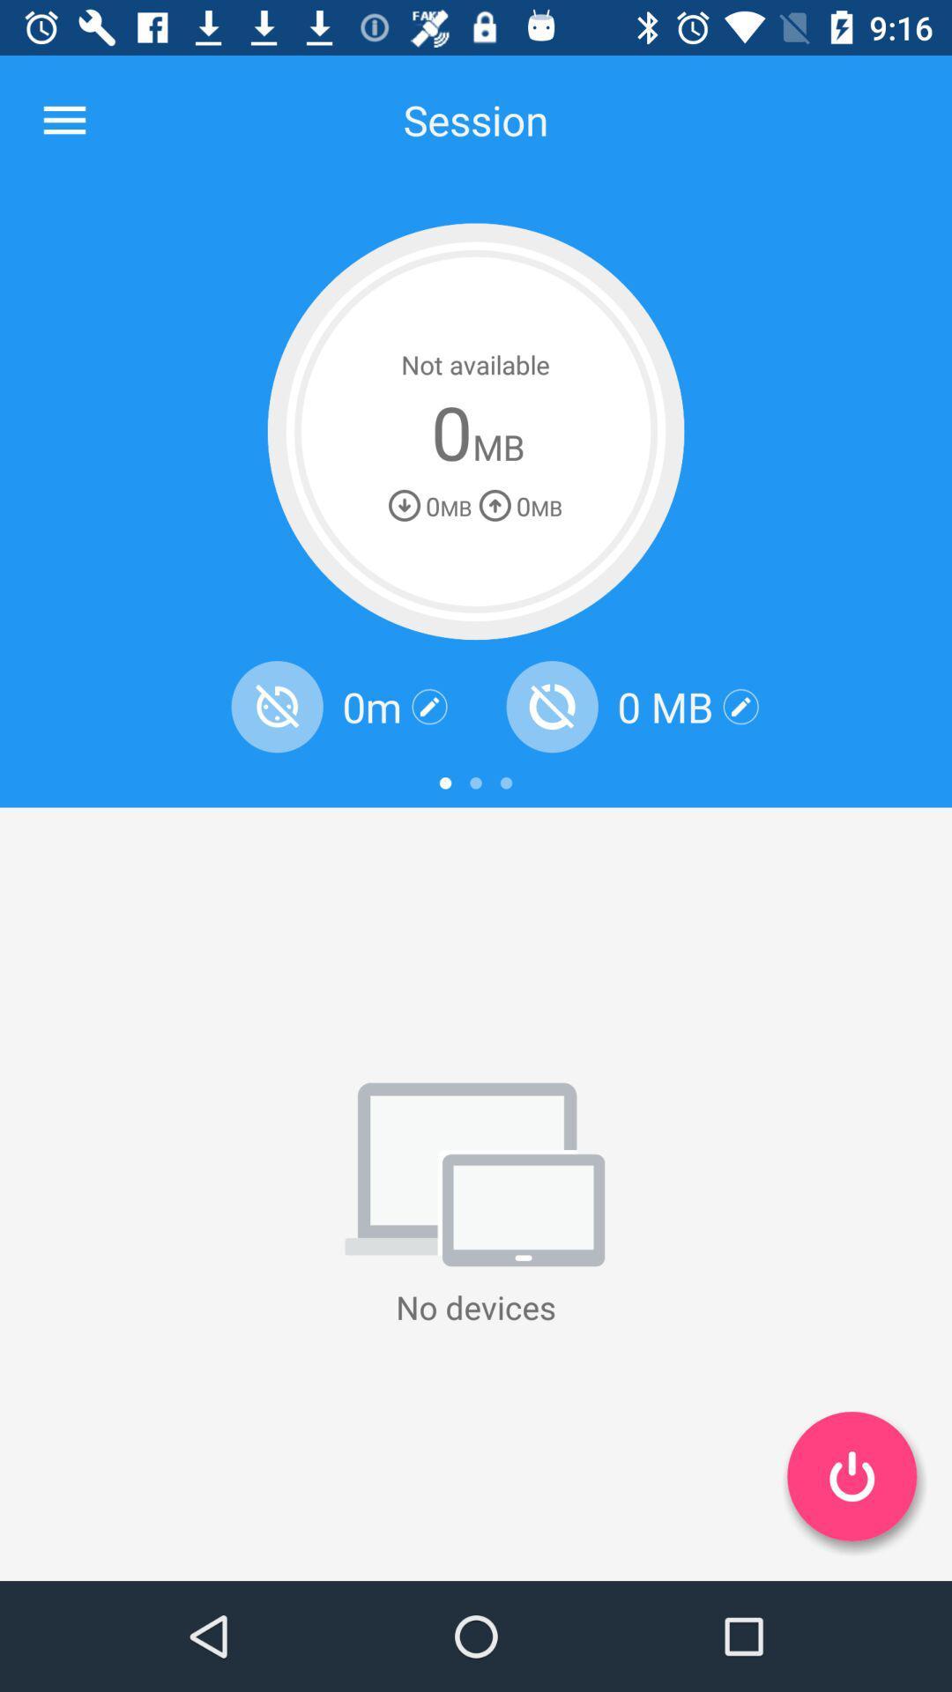  Describe the element at coordinates (63, 119) in the screenshot. I see `the item at the top left corner` at that location.